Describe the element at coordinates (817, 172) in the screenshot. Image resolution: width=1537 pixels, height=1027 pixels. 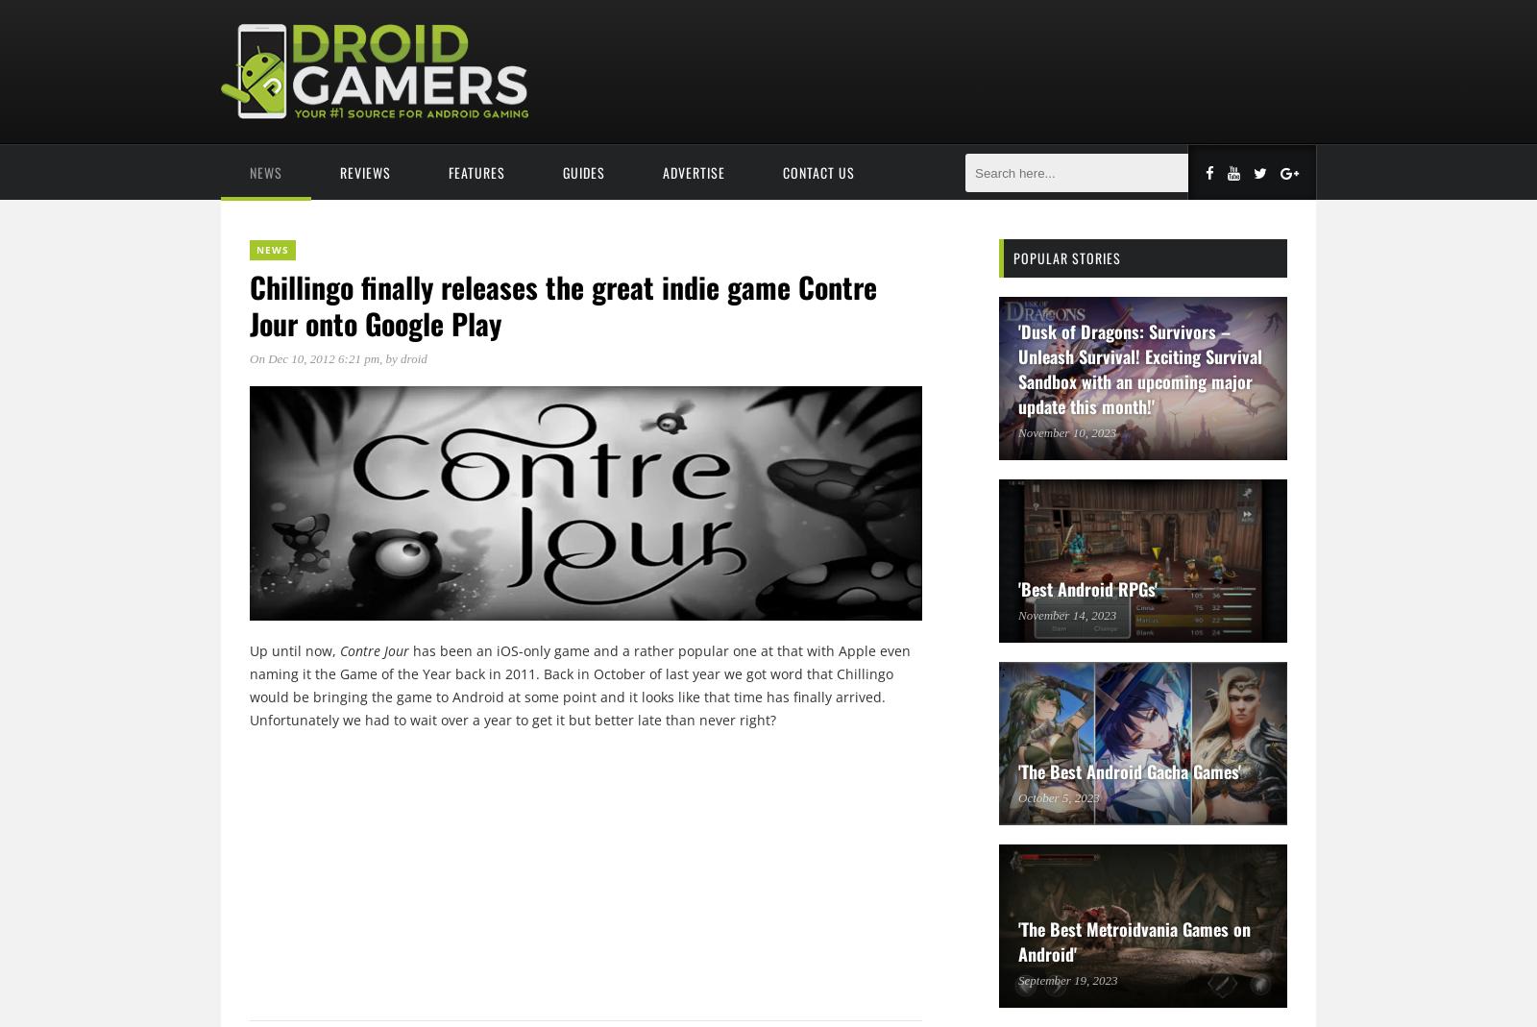
I see `'Contact Us'` at that location.